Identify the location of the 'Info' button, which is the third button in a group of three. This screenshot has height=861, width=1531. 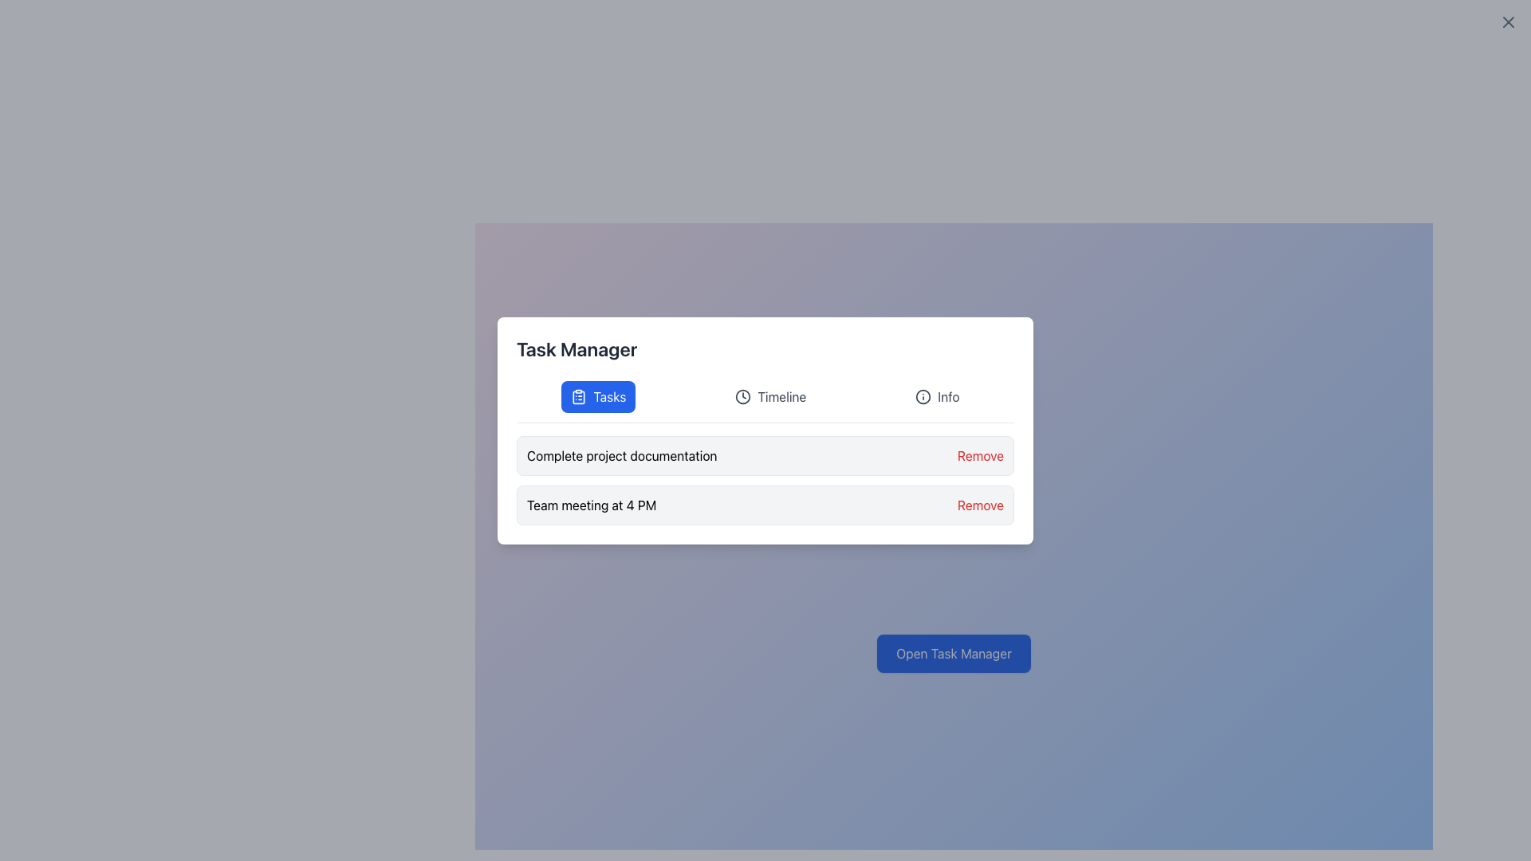
(937, 395).